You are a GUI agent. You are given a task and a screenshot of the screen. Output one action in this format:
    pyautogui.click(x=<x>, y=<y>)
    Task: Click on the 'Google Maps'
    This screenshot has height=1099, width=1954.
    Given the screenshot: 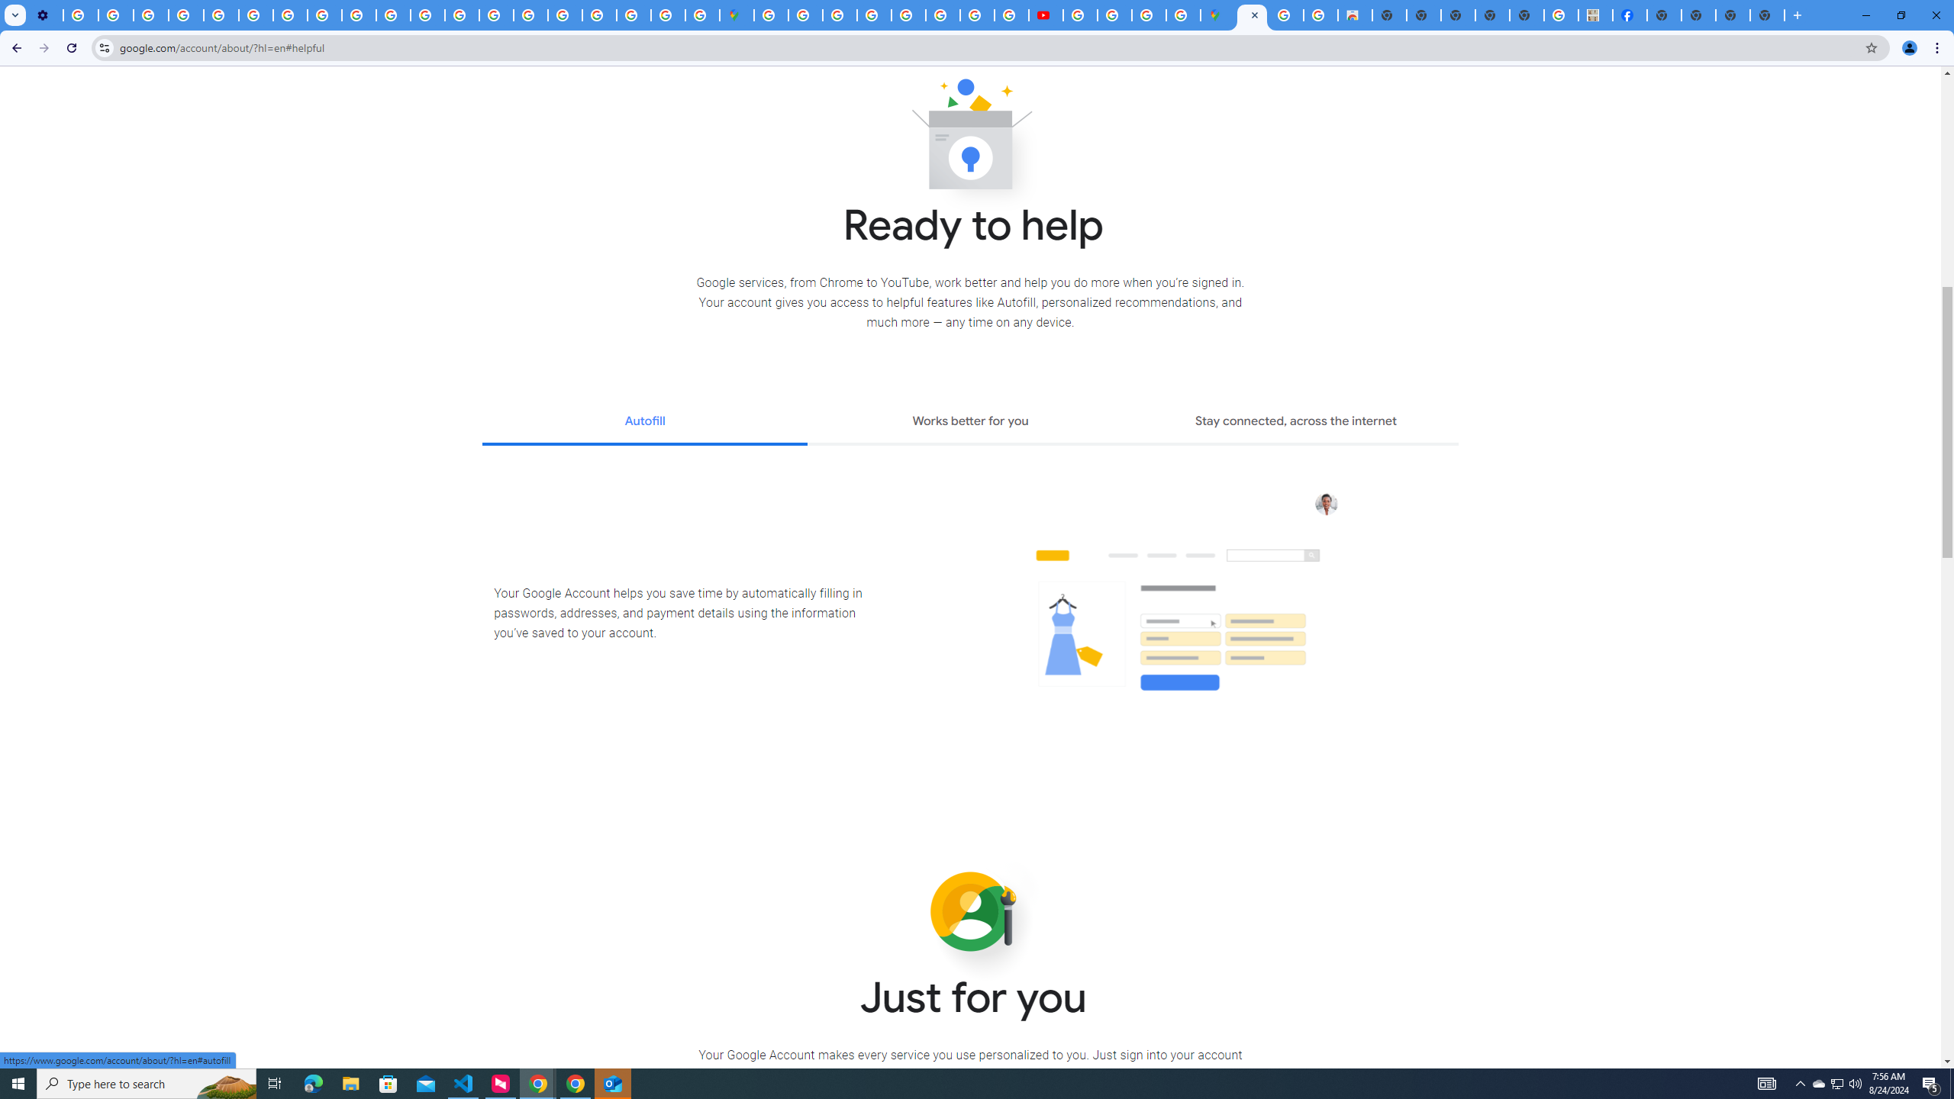 What is the action you would take?
    pyautogui.click(x=1217, y=15)
    